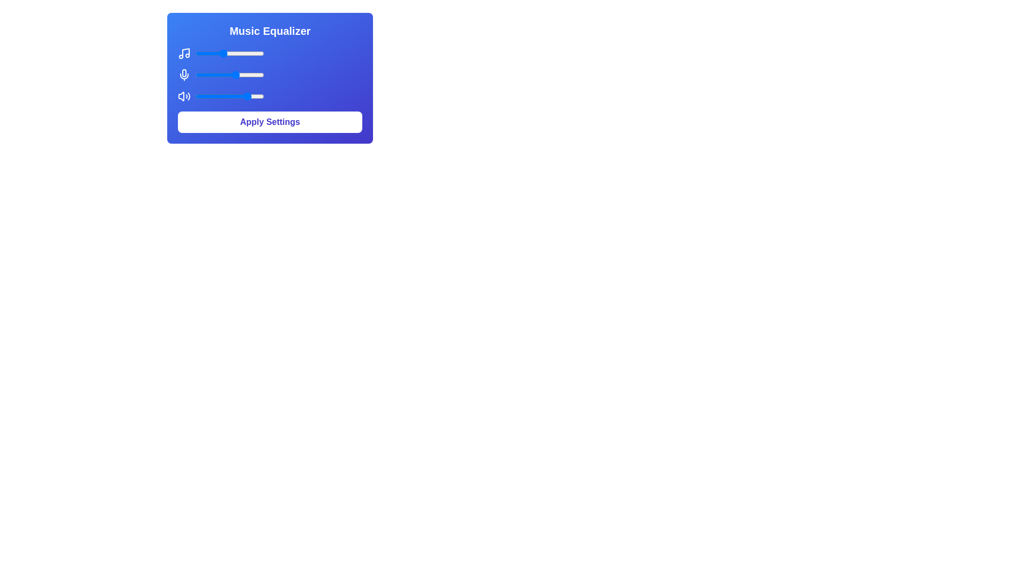  I want to click on the slider value, so click(261, 96).